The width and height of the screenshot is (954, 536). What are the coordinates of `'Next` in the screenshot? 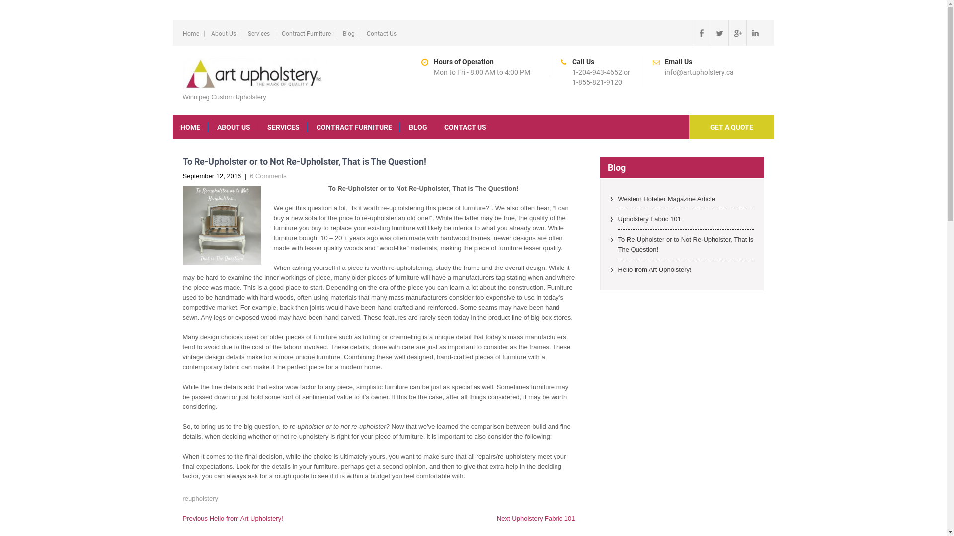 It's located at (536, 518).